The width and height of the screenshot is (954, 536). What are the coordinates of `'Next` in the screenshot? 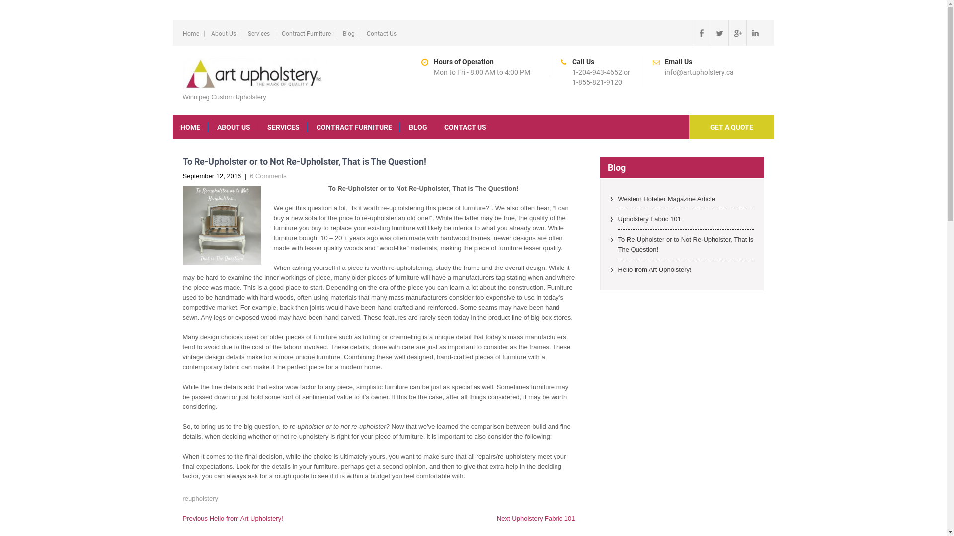 It's located at (536, 518).